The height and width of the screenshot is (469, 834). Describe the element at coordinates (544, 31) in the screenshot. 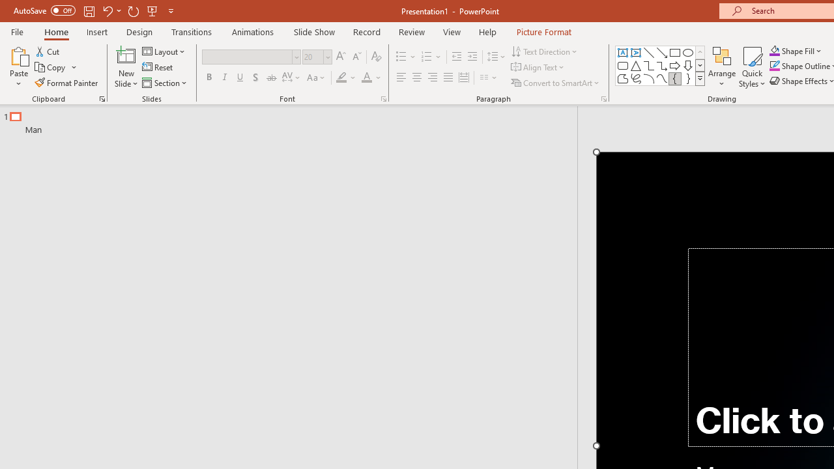

I see `'Picture Format'` at that location.